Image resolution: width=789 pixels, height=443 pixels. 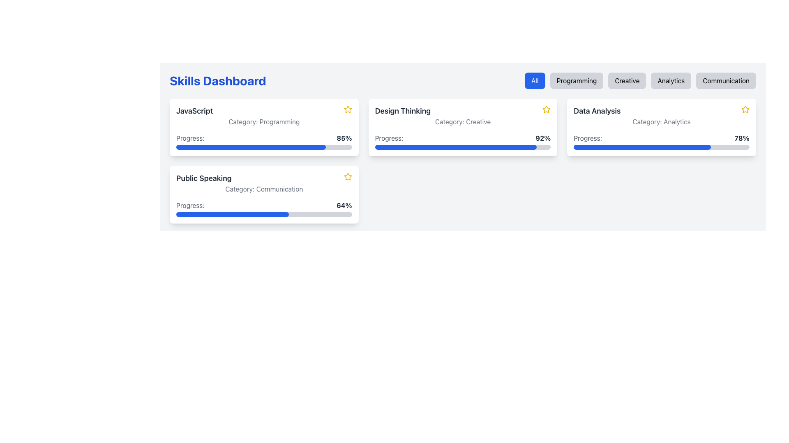 I want to click on the filled portion of the progress bar representing 64% progress for the 'Public Speaking' skill in the lower-left section of the dashboard, so click(x=232, y=214).